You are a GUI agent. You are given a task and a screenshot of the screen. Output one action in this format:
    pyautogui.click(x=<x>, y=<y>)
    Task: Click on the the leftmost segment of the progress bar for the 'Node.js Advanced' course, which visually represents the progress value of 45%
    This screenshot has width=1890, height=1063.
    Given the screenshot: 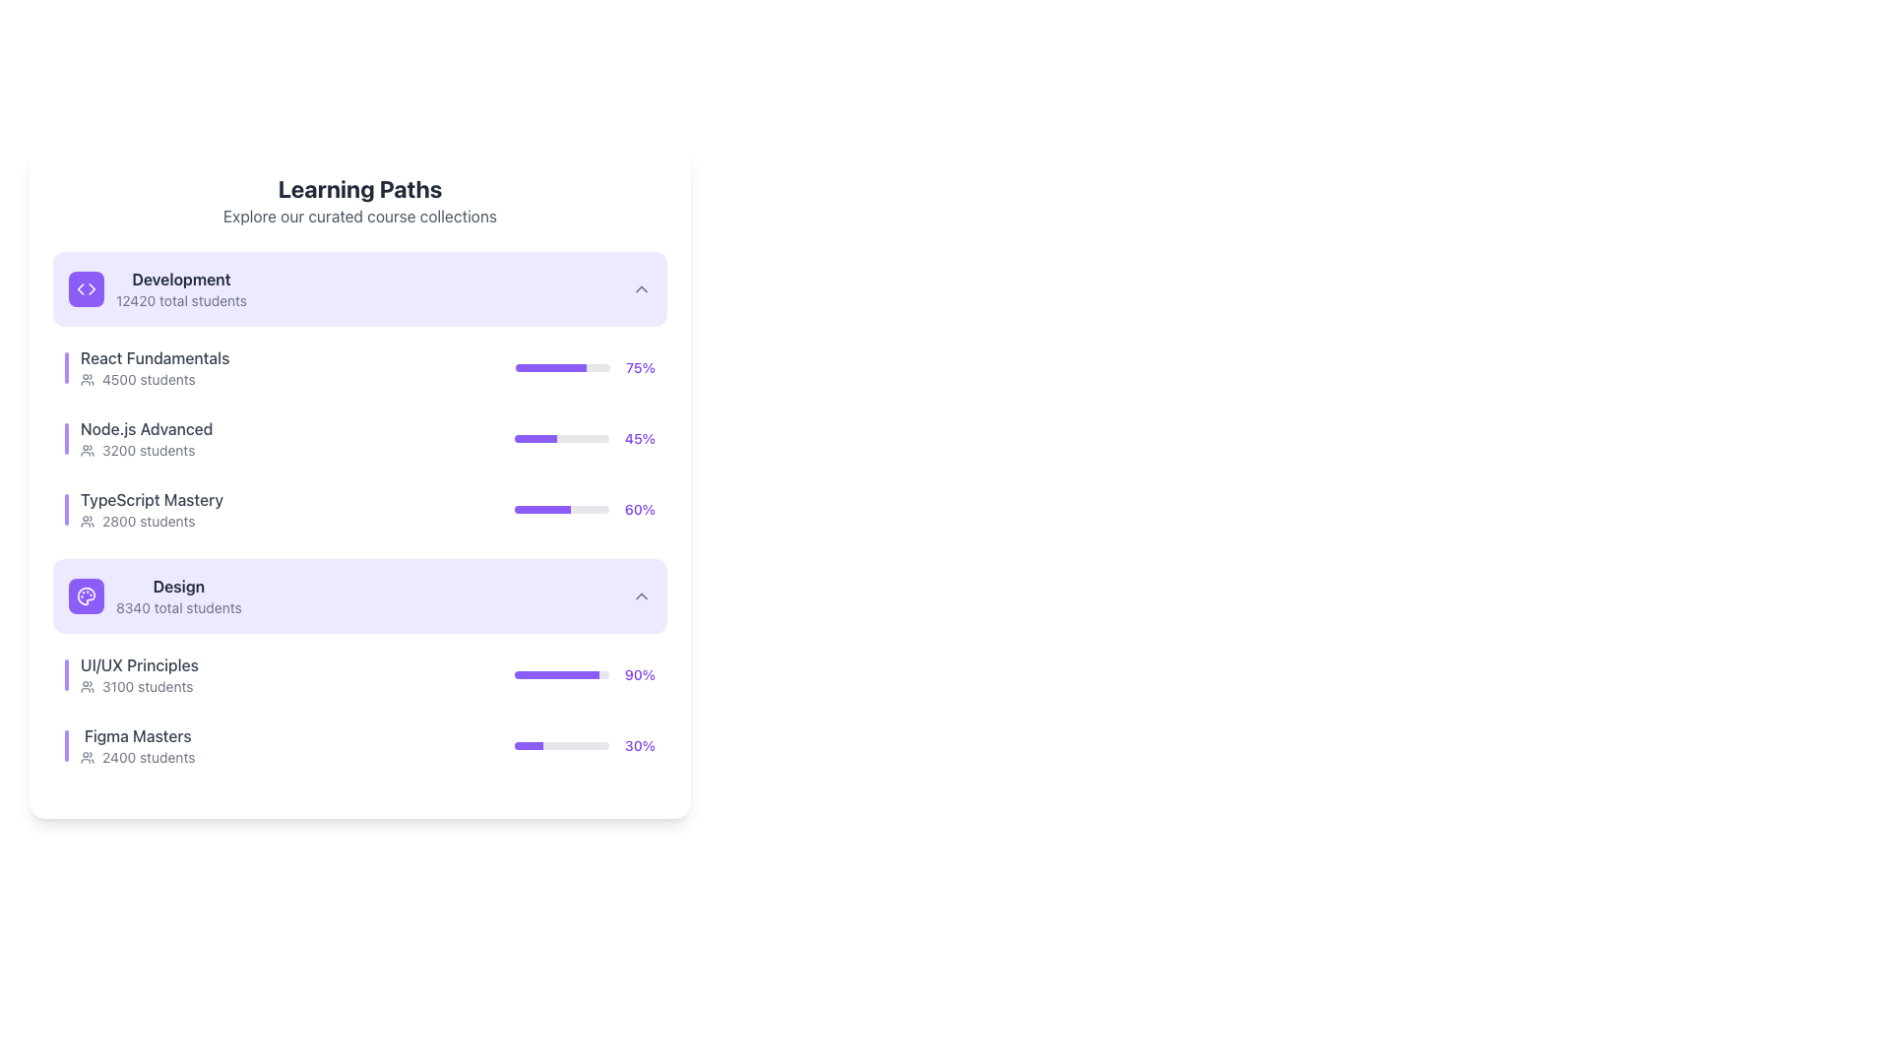 What is the action you would take?
    pyautogui.click(x=535, y=438)
    